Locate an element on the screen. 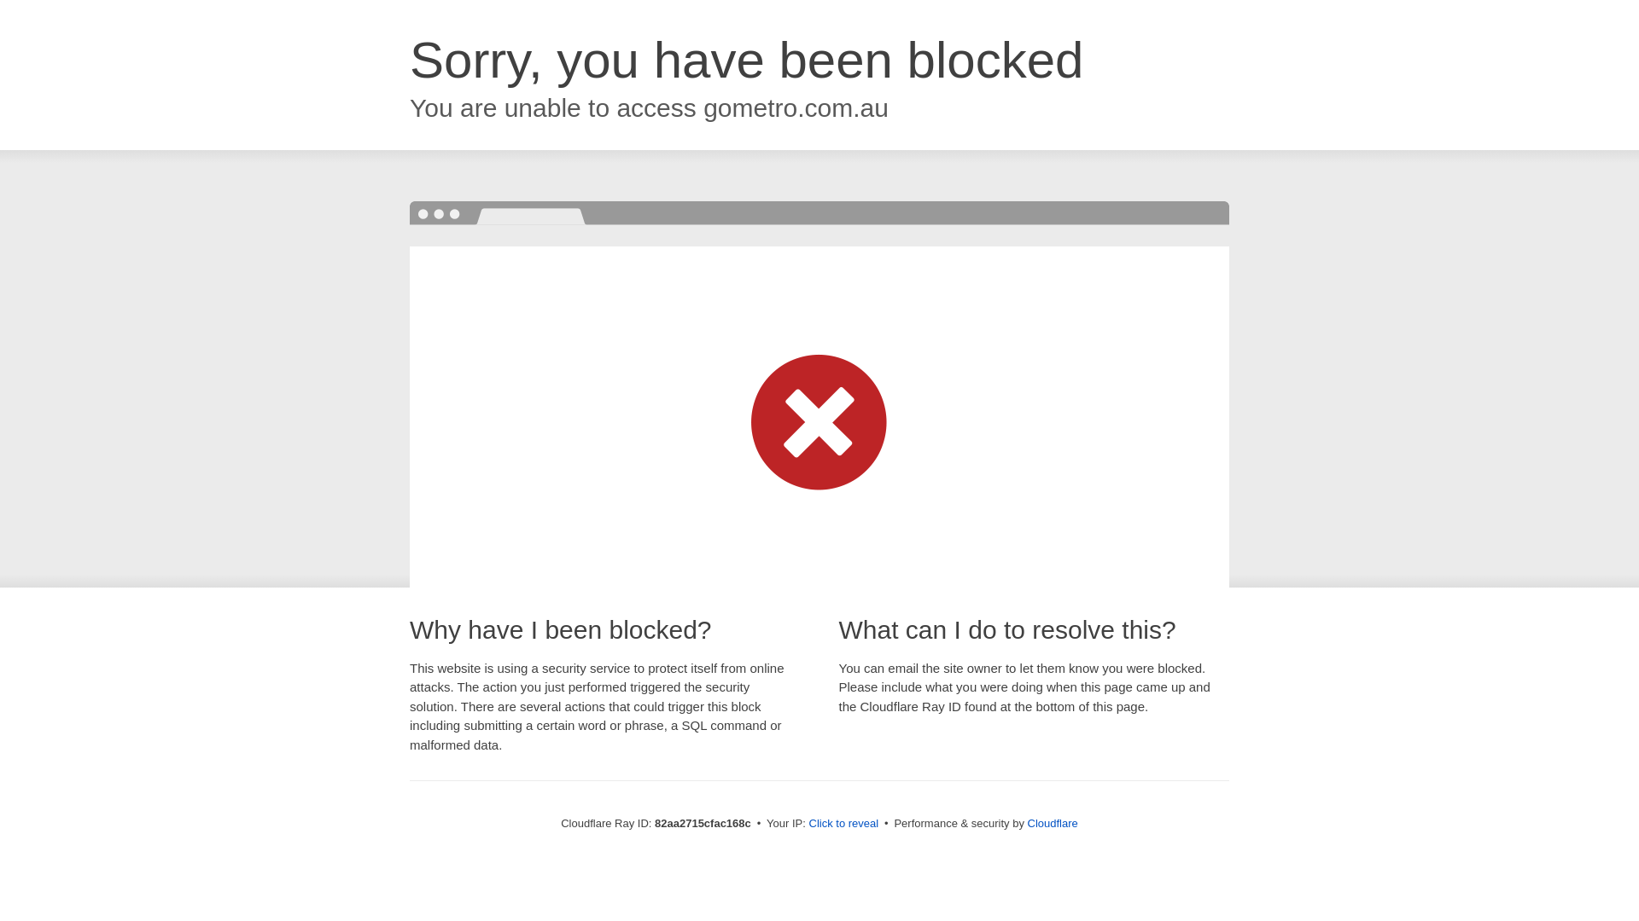 The width and height of the screenshot is (1639, 921). 'Cloudflare' is located at coordinates (1052, 822).